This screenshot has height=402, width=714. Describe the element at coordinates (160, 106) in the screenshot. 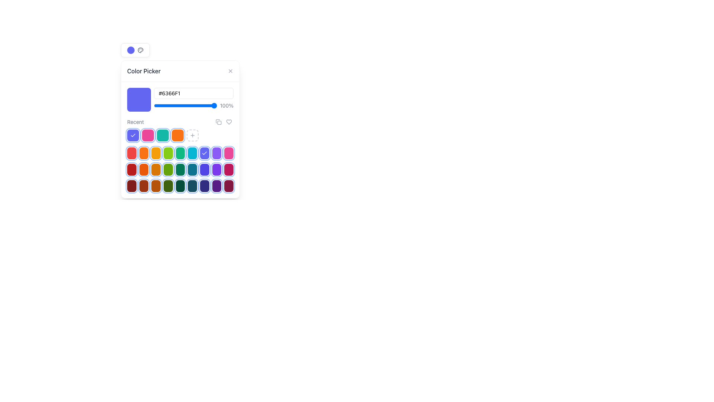

I see `the slider` at that location.